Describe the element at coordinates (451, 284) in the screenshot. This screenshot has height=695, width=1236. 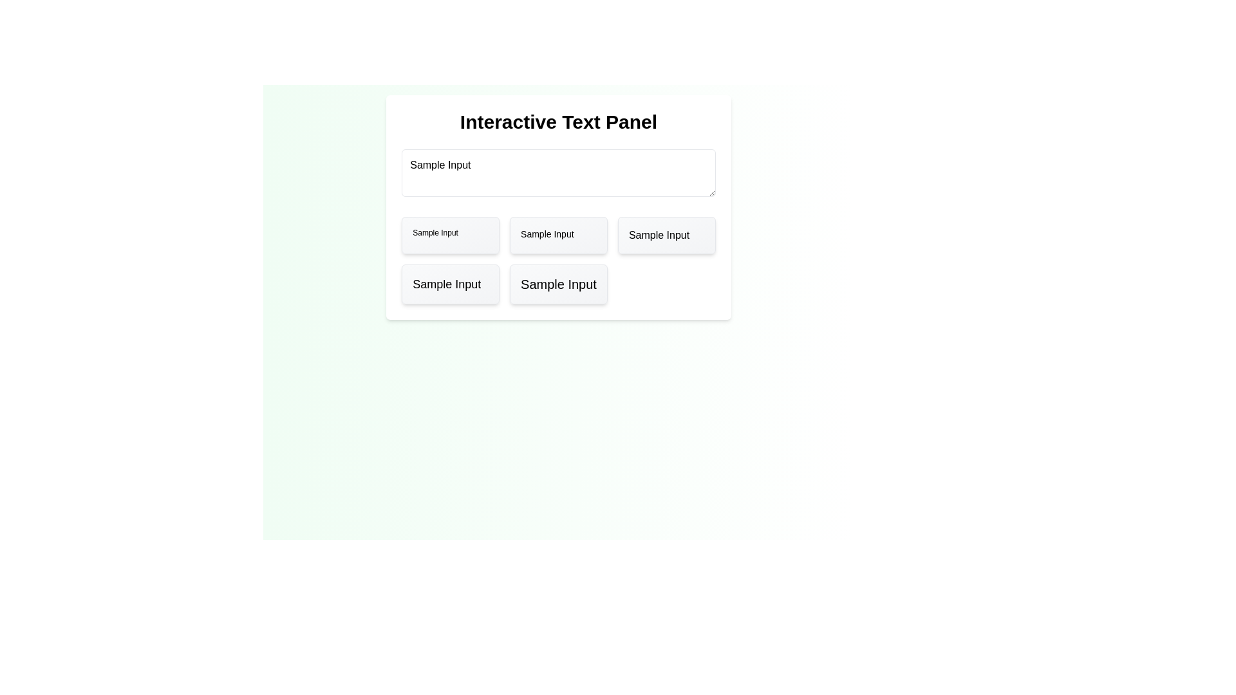
I see `the Text Label or Card Component displaying 'Sample Input', which is located in the bottom-left portion of the grid layout` at that location.